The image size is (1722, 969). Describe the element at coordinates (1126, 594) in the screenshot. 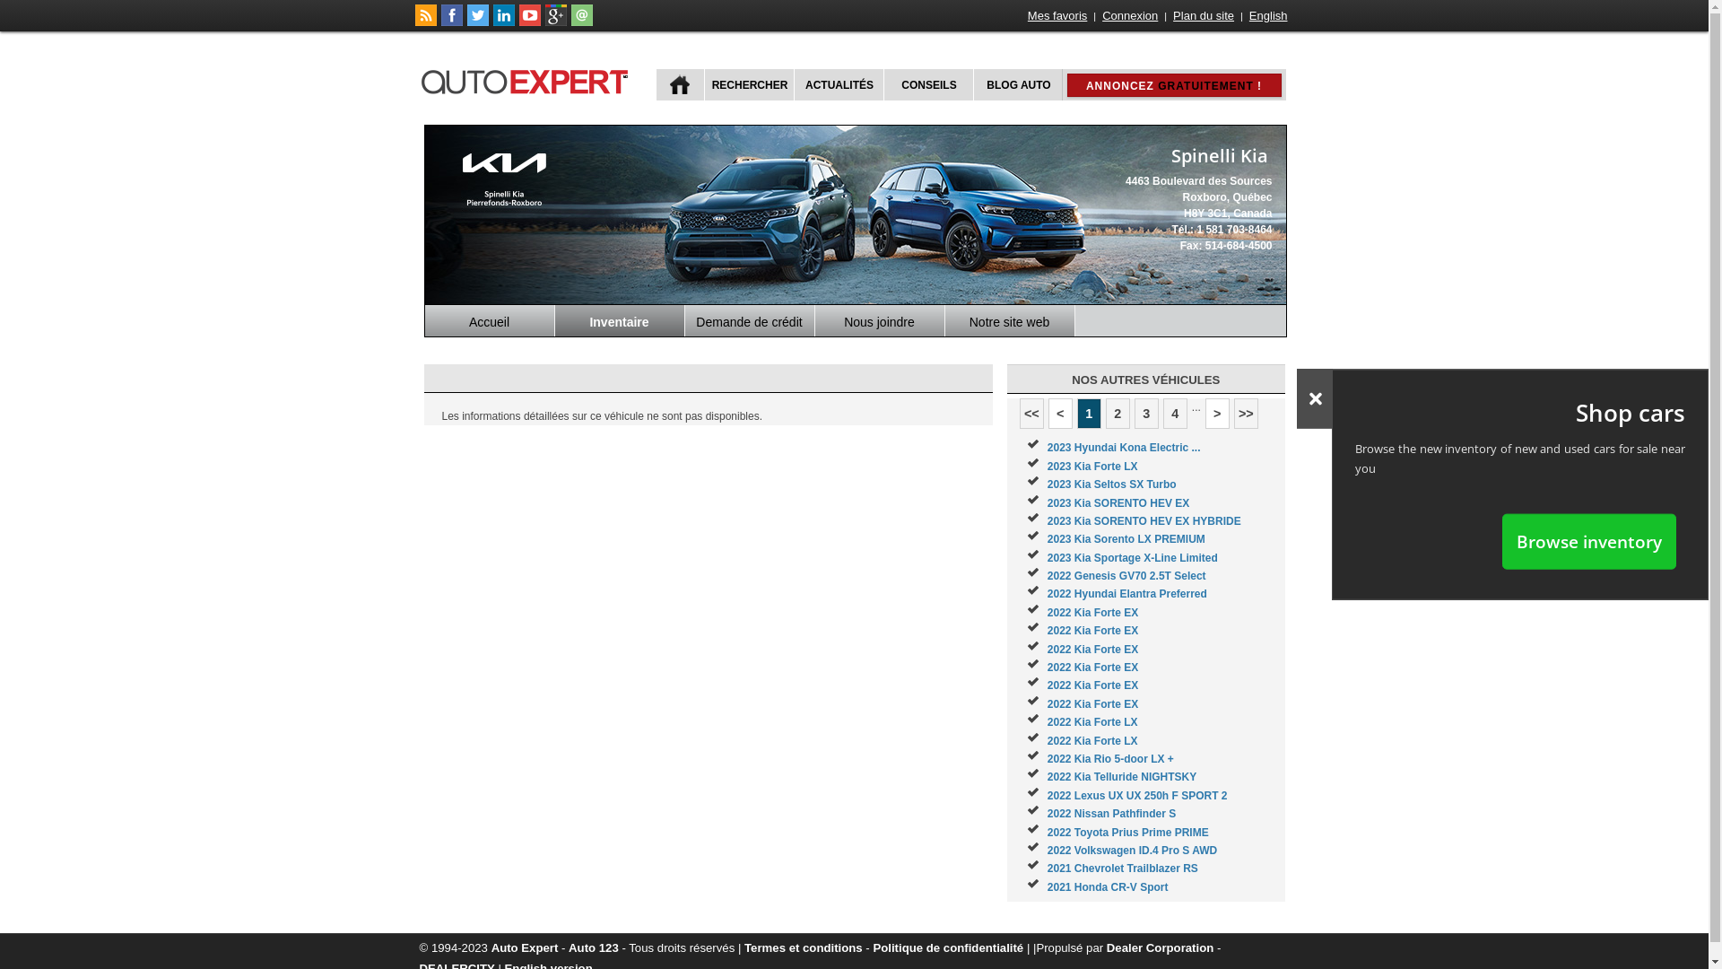

I see `'2022 Hyundai Elantra Preferred'` at that location.